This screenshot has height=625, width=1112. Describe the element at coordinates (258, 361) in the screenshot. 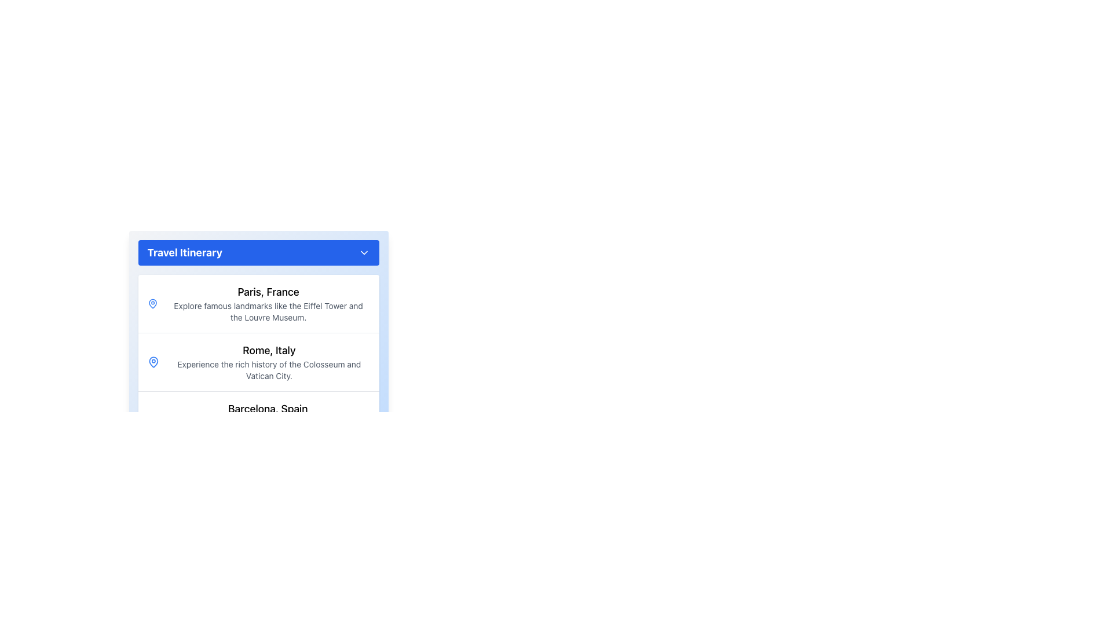

I see `displayed information from the Informational card for Rome, Italy, which includes the name in bold and the description text` at that location.